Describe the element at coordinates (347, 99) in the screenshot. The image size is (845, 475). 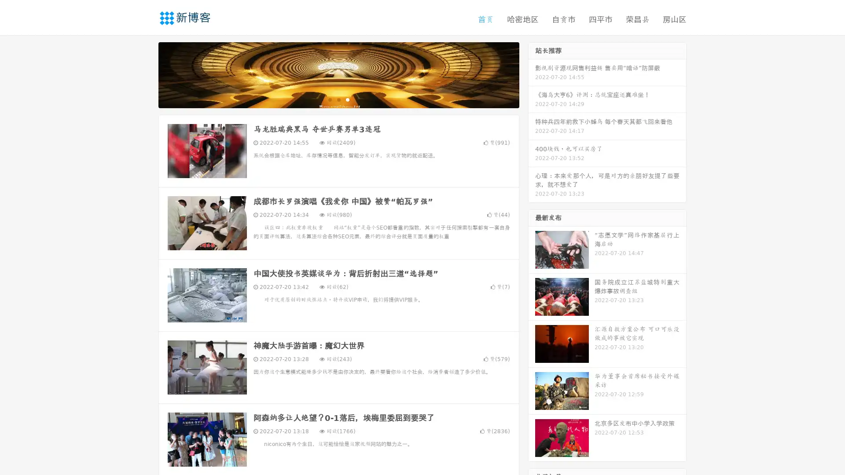
I see `Go to slide 3` at that location.